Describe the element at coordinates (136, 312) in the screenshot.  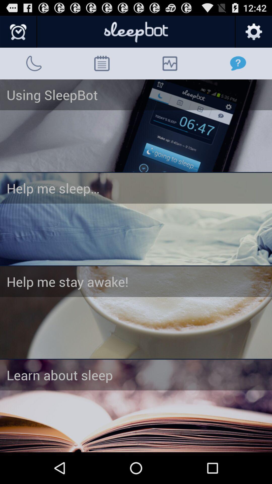
I see `opens article` at that location.